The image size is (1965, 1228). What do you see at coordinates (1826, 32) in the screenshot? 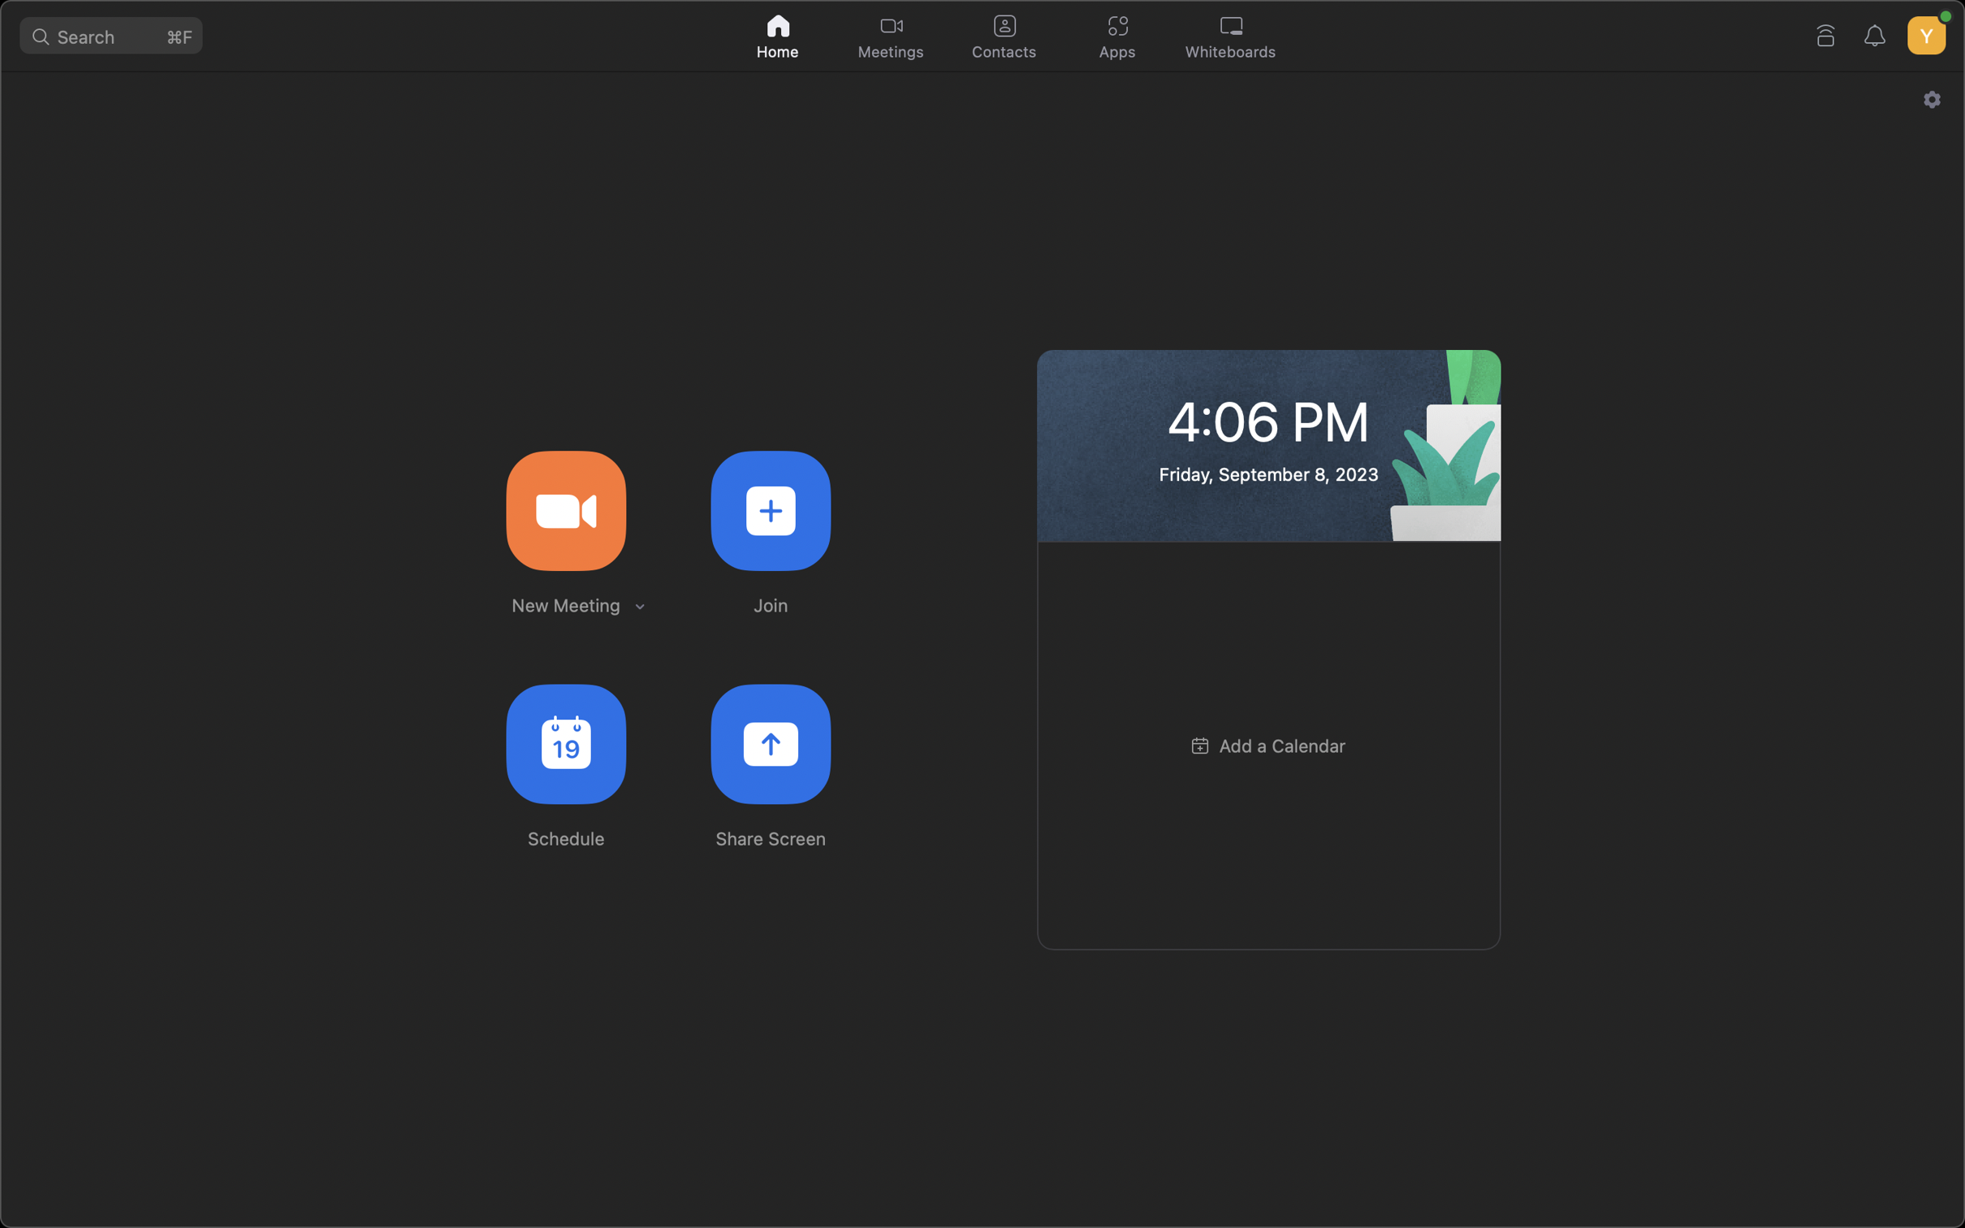
I see `Link your device to a specific Zoom Room` at bounding box center [1826, 32].